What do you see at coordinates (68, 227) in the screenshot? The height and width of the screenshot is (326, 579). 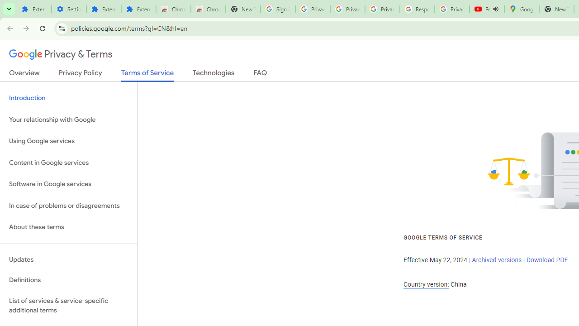 I see `'About these terms'` at bounding box center [68, 227].